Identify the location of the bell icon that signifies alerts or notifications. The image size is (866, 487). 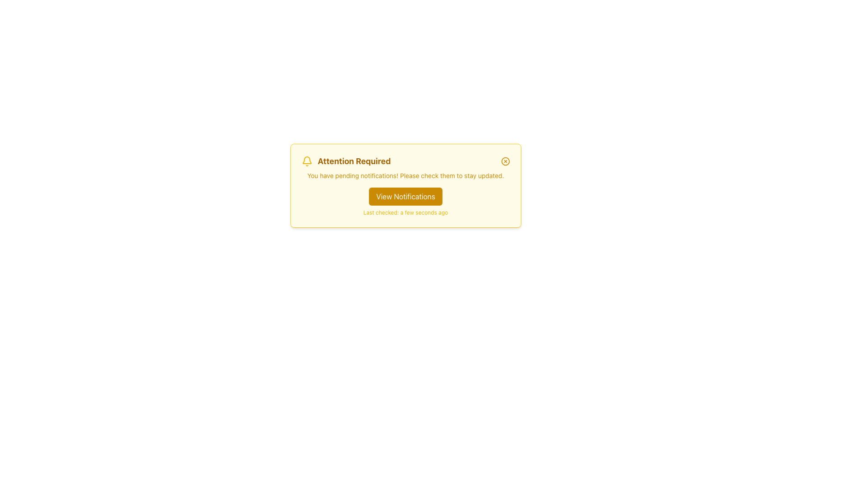
(307, 161).